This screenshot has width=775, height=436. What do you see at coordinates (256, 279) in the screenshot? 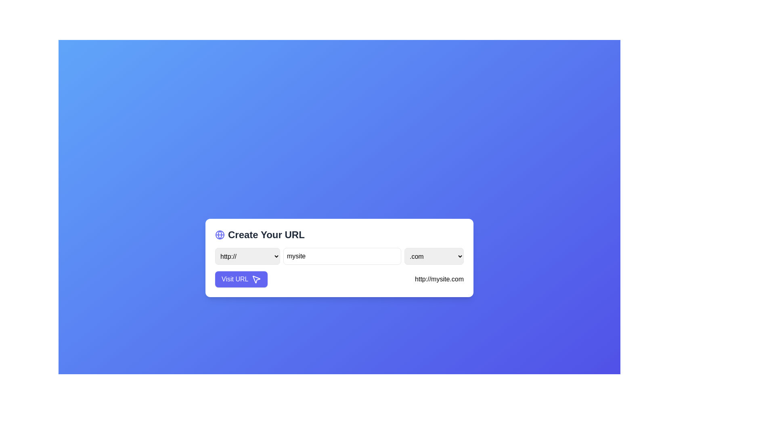
I see `the icon located on the right-hand side of the 'Visit URL' button, which is prominently positioned within a card-like section near the lower center of the interface` at bounding box center [256, 279].